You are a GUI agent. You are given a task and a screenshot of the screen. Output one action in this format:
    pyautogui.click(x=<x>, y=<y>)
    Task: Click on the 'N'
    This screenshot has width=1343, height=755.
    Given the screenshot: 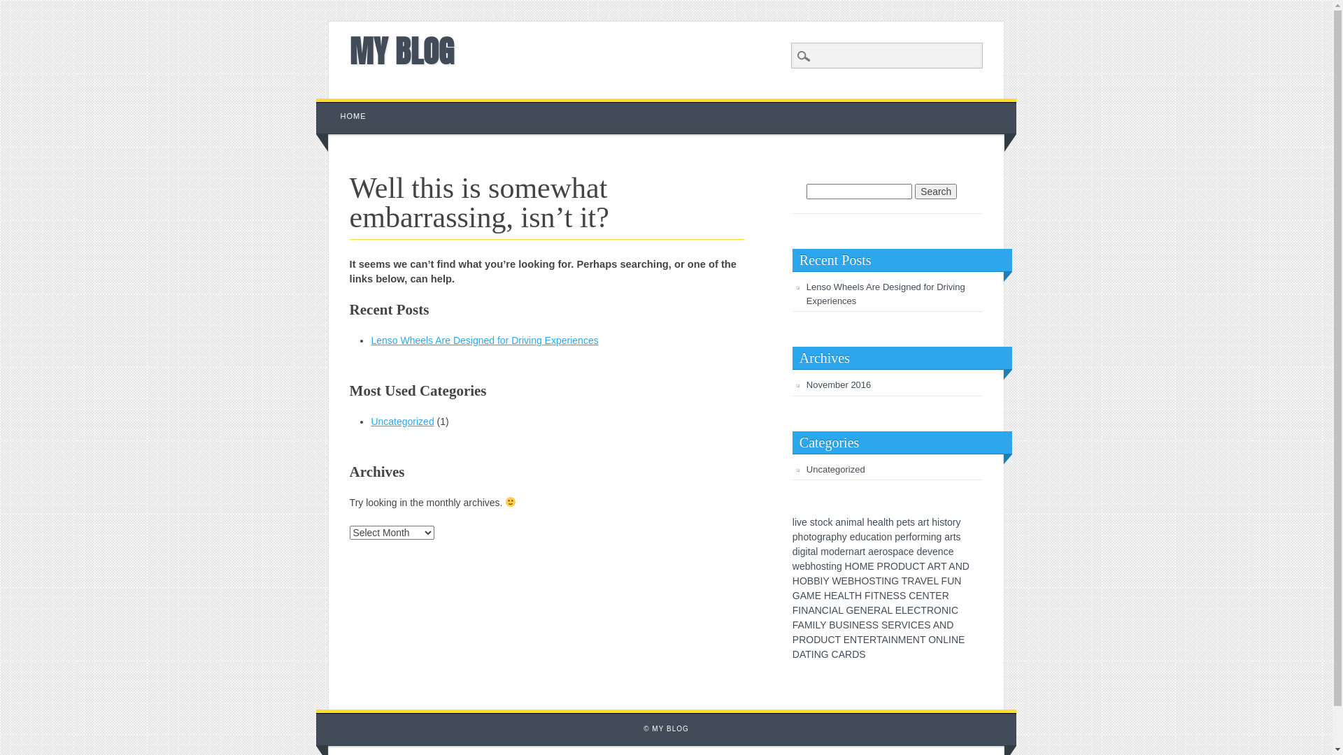 What is the action you would take?
    pyautogui.click(x=926, y=596)
    